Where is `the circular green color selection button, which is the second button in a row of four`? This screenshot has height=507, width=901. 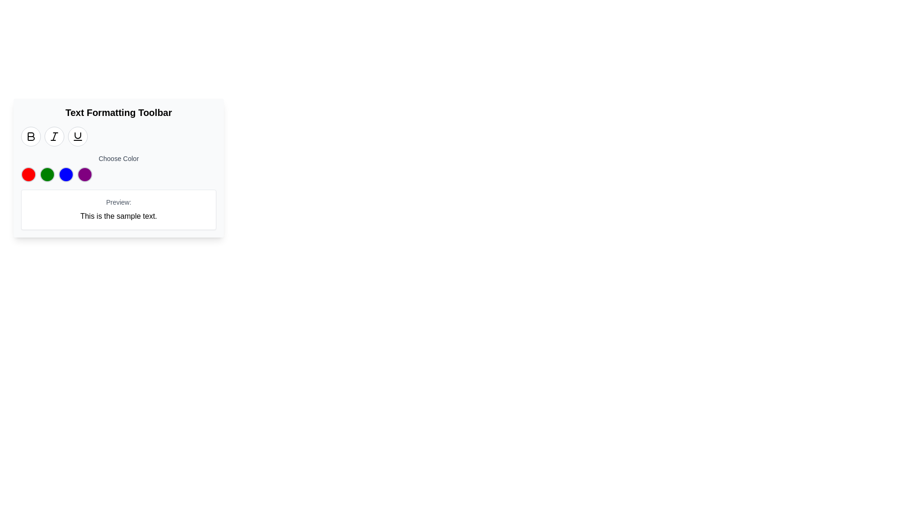 the circular green color selection button, which is the second button in a row of four is located at coordinates (46, 174).